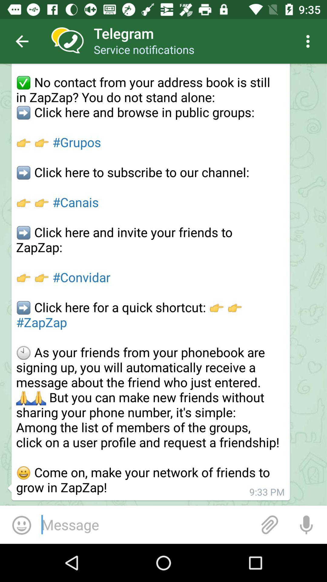 The width and height of the screenshot is (327, 582). What do you see at coordinates (21, 524) in the screenshot?
I see `the emoji icon` at bounding box center [21, 524].